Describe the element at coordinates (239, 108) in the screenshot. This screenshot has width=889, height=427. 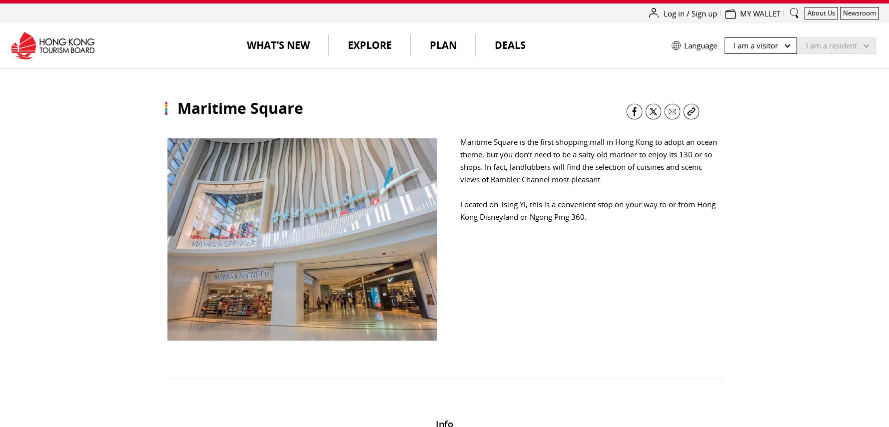
I see `'Maritime Square'` at that location.